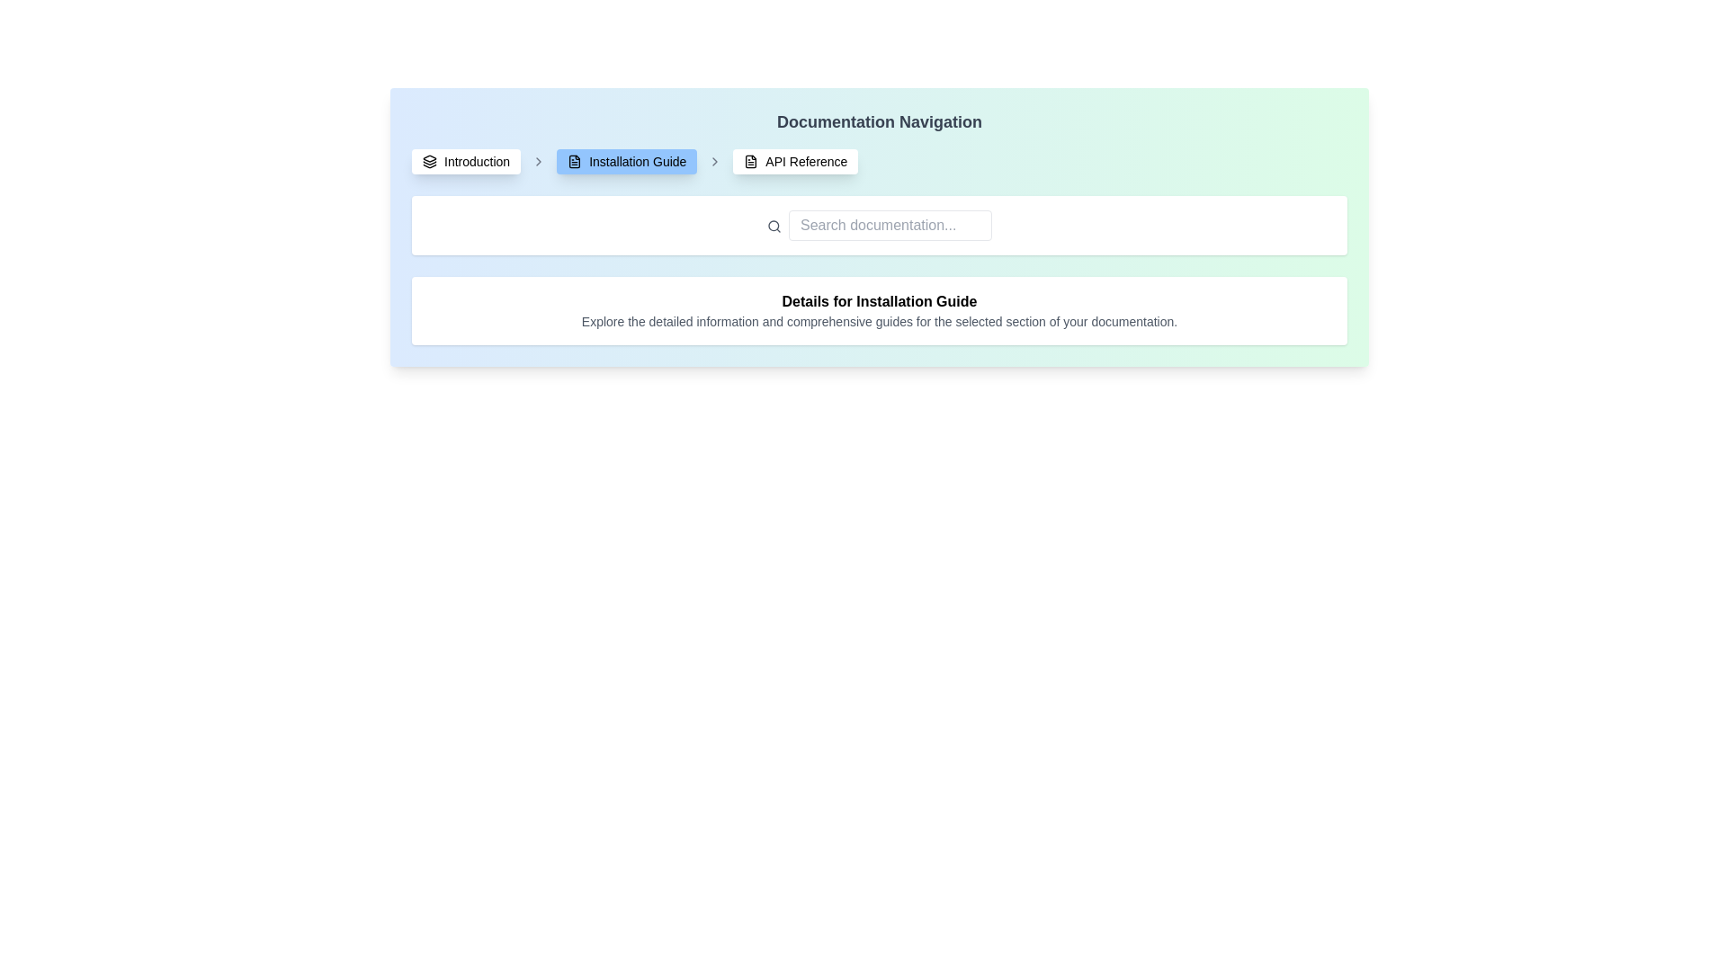 The width and height of the screenshot is (1727, 971). What do you see at coordinates (880, 321) in the screenshot?
I see `the descriptive text element styled with a small font size and gray color, located below the bolded title 'Details for Installation Guide' within a white card` at bounding box center [880, 321].